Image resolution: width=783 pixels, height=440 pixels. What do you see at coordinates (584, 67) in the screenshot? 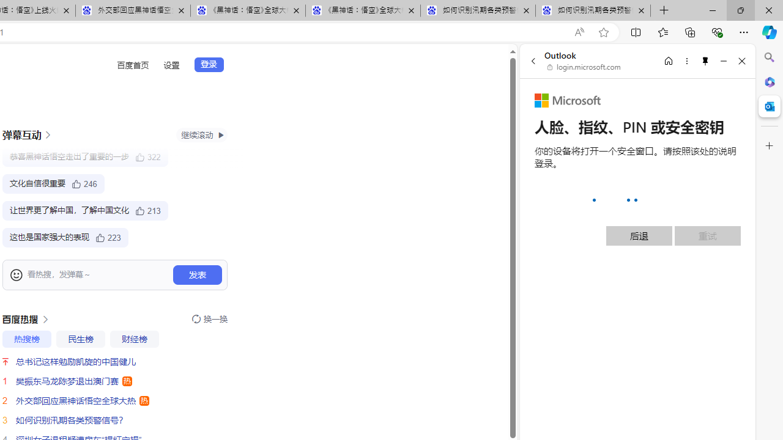
I see `'login.microsoft.com'` at bounding box center [584, 67].